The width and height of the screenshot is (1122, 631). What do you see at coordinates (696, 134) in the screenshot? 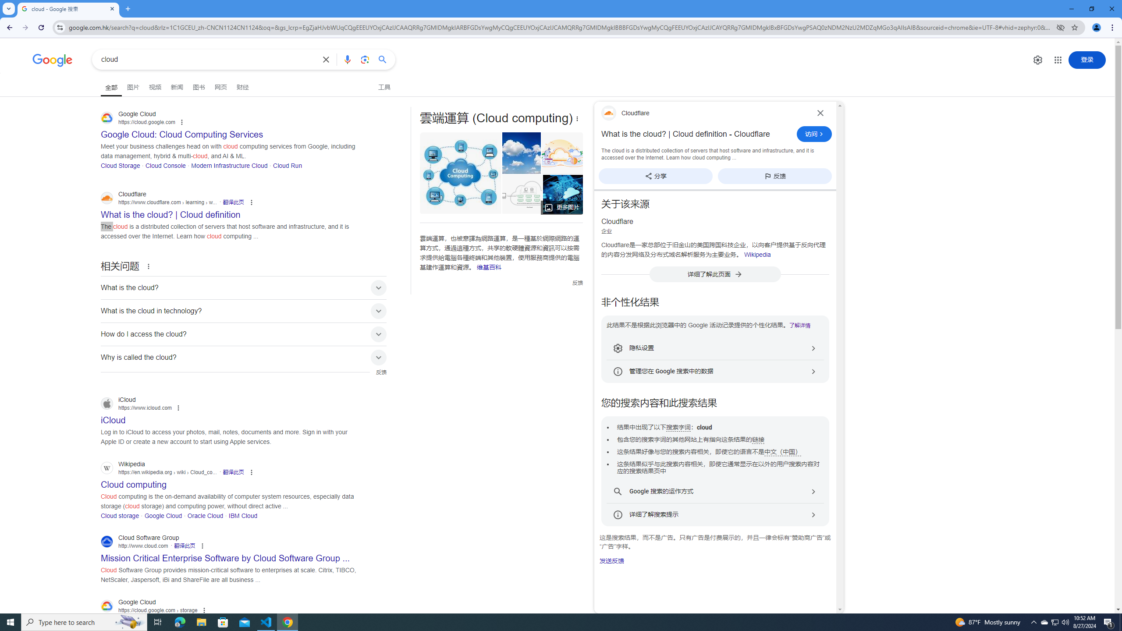
I see `'What is the cloud? | Cloud definition - Cloudflare'` at bounding box center [696, 134].